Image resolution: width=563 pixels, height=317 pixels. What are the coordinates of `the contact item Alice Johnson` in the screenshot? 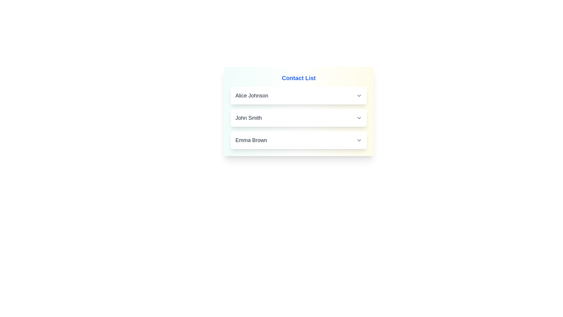 It's located at (299, 95).